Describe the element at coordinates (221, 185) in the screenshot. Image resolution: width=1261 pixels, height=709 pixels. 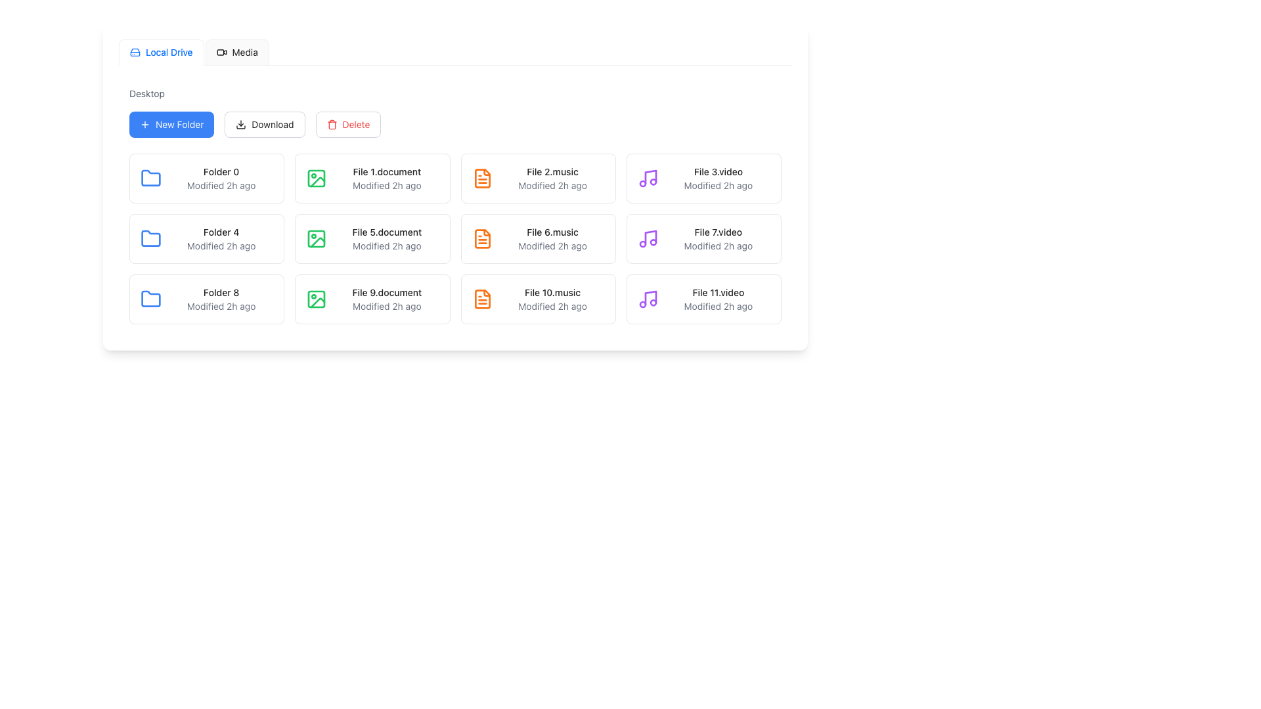
I see `the text label indicating the last modification time of the associated file or folder, which is directly below the label 'Folder 0' in the first row of the file listing` at that location.